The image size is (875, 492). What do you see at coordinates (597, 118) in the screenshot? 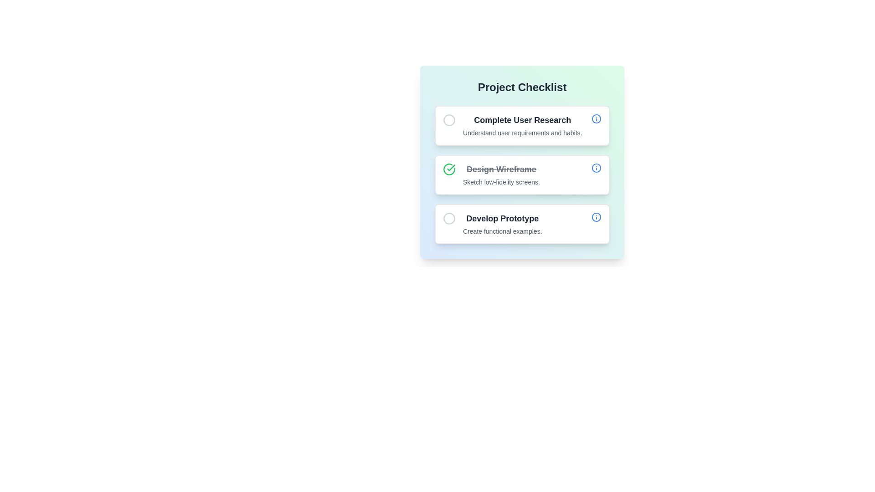
I see `the circular 'i' icon located on the far-right side of the checklist item labeled 'Complete User Research'` at bounding box center [597, 118].